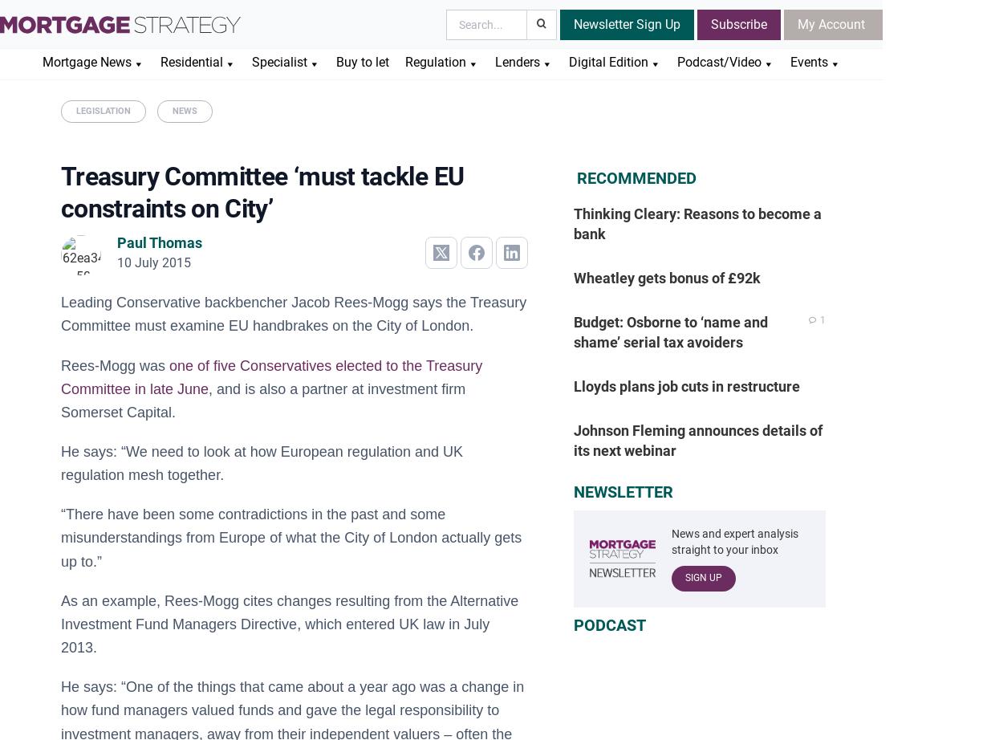 The height and width of the screenshot is (740, 983). Describe the element at coordinates (159, 242) in the screenshot. I see `'Paul Thomas'` at that location.